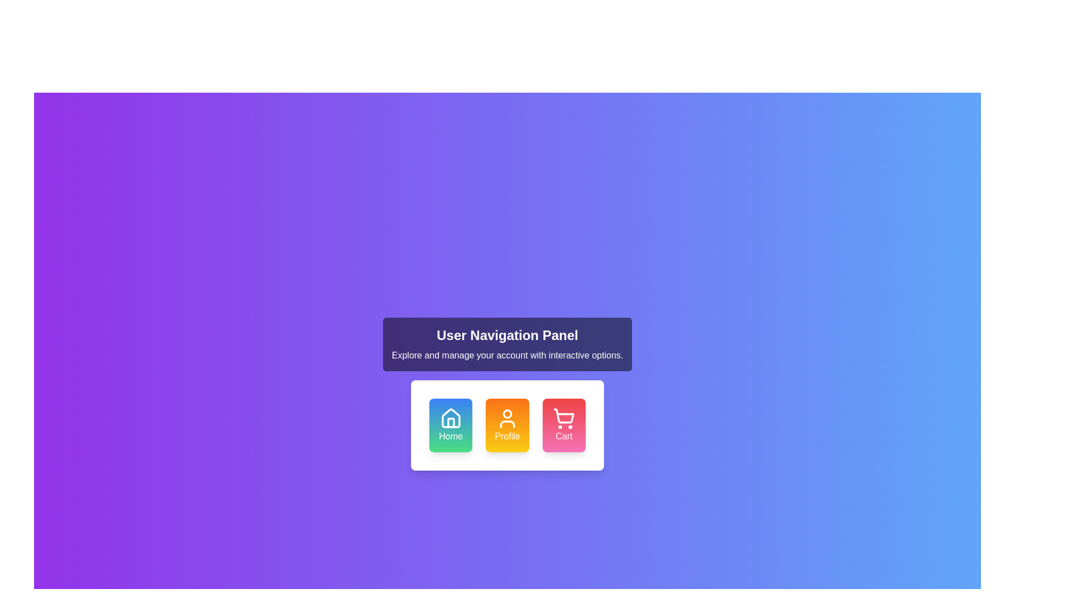 The height and width of the screenshot is (603, 1072). What do you see at coordinates (451, 423) in the screenshot?
I see `accessibility and design of the 'Home' button, which features a house icon and is the leftmost button in the lower row of the interface` at bounding box center [451, 423].